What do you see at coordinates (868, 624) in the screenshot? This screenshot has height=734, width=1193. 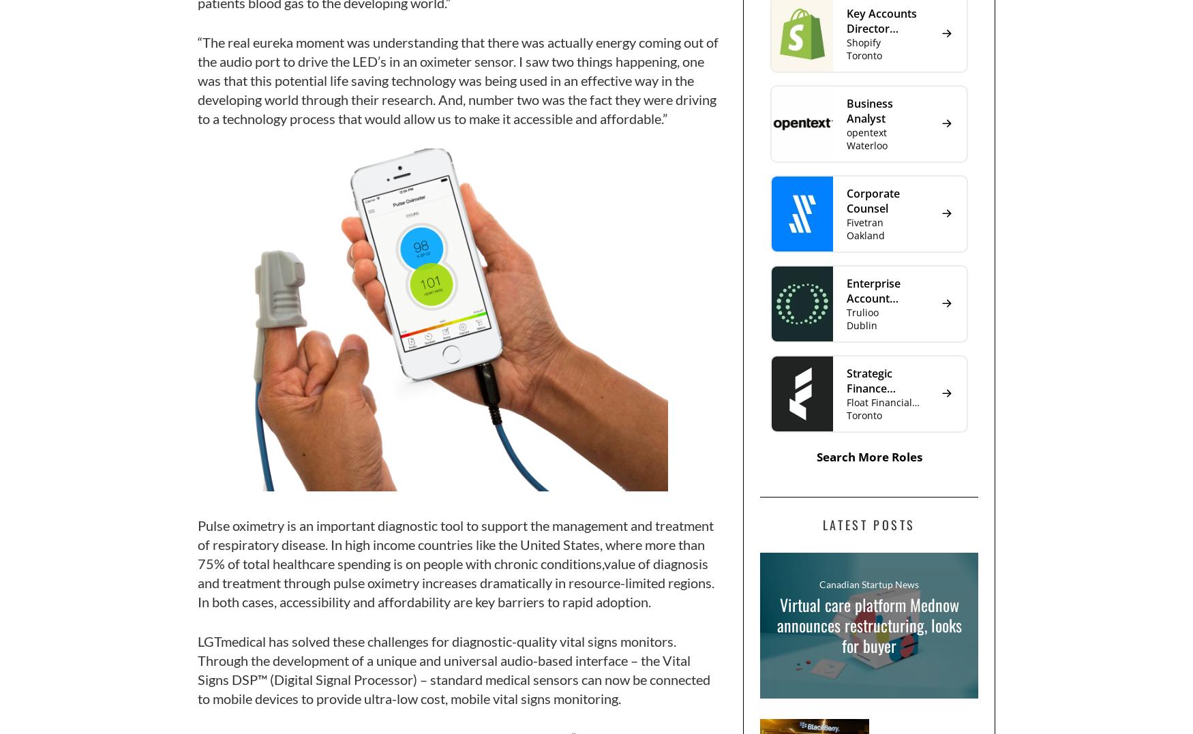 I see `'Virtual care platform Mednow announces restructuring, looks for buyer'` at bounding box center [868, 624].